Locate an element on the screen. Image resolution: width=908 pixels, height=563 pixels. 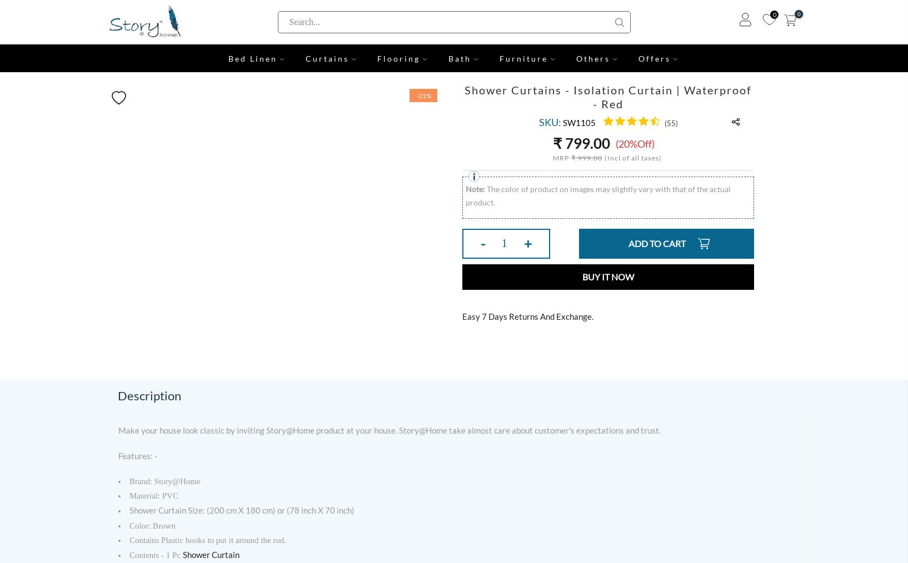
'Curtains' is located at coordinates (327, 58).